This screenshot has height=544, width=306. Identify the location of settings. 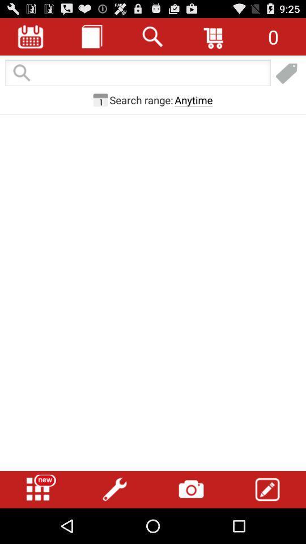
(114, 489).